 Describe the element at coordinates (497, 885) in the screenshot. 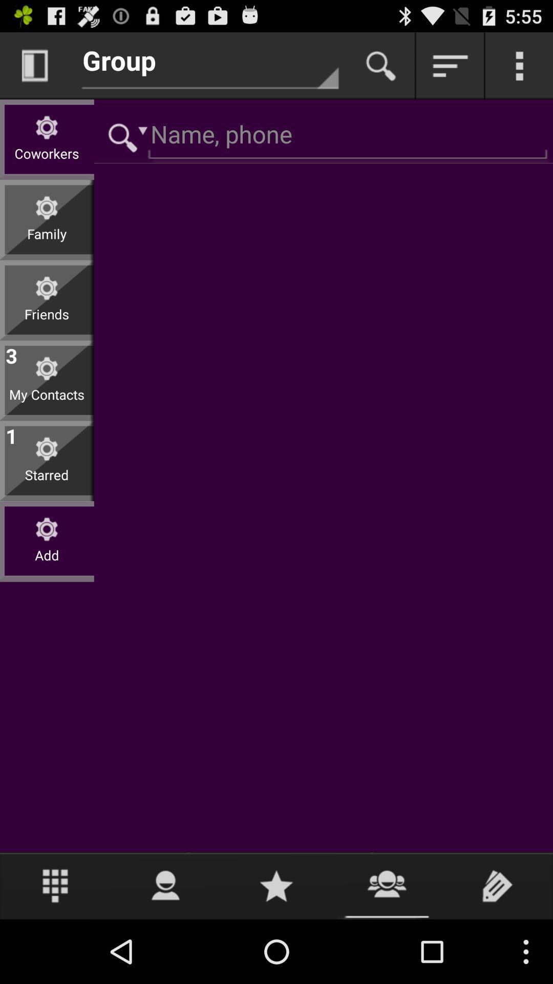

I see `write comment` at that location.